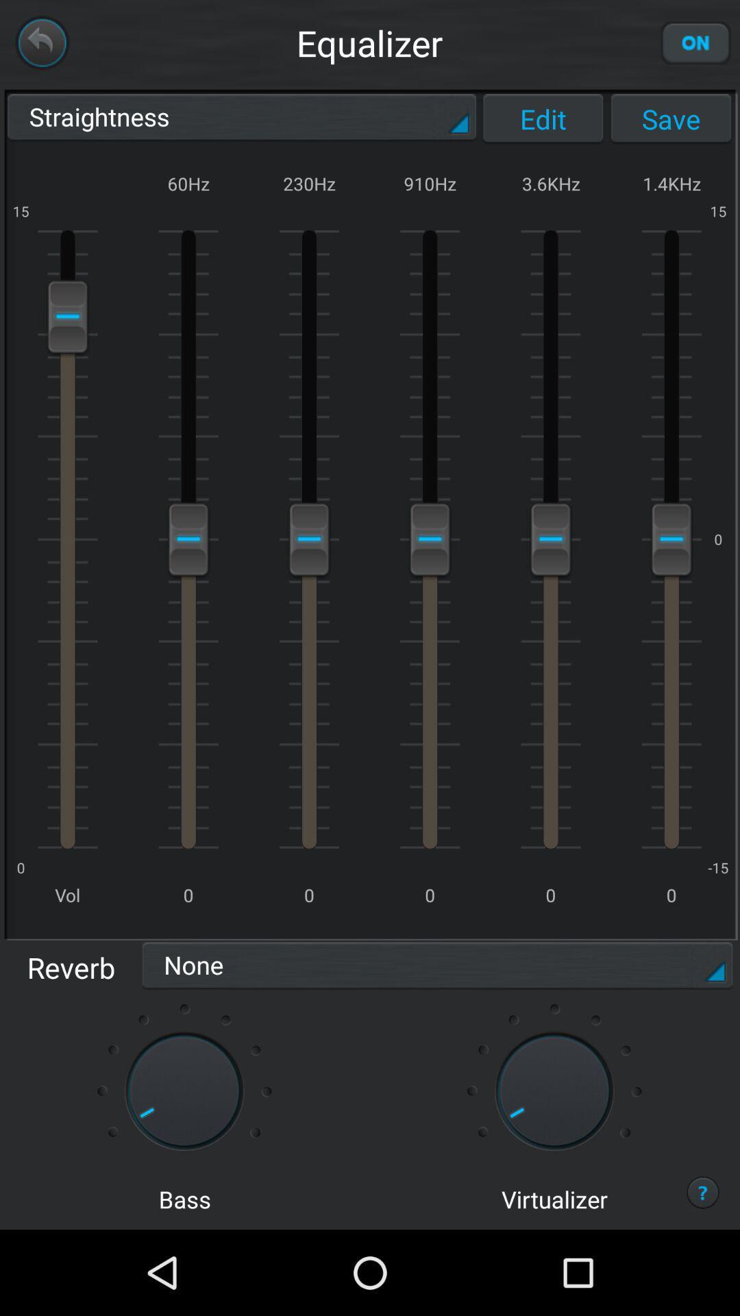 This screenshot has width=740, height=1316. Describe the element at coordinates (41, 46) in the screenshot. I see `the reply icon` at that location.